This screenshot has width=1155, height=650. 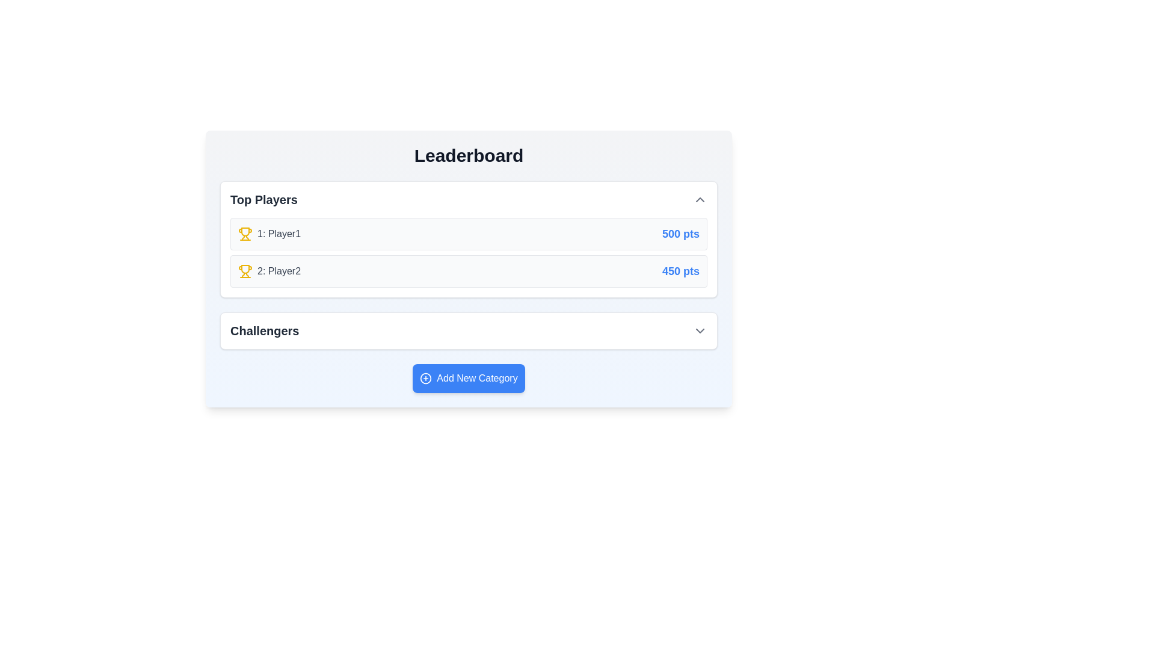 I want to click on the plus icon with a thin blue outline located inside the blue 'Add New Category' button, positioned below the 'Challengers' section, so click(x=426, y=377).